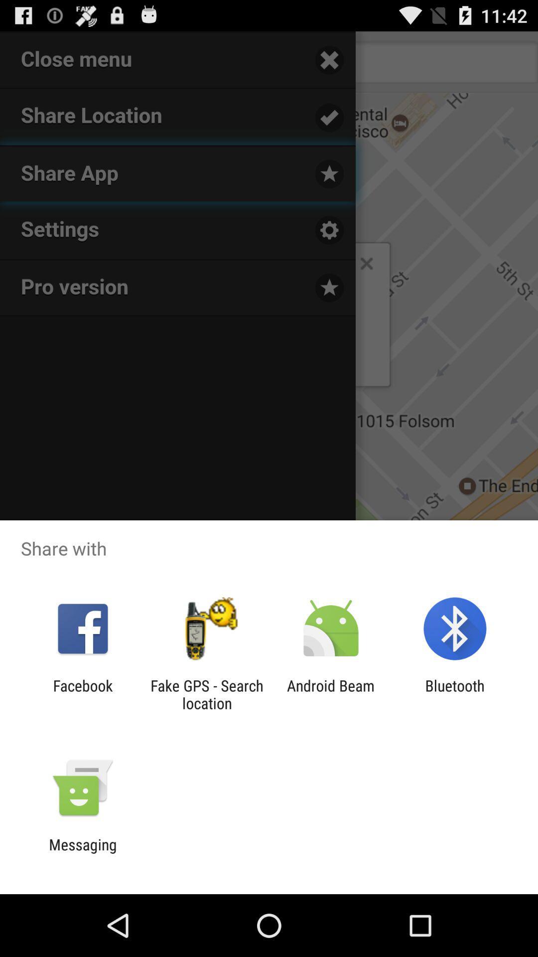 The image size is (538, 957). Describe the element at coordinates (82, 853) in the screenshot. I see `the messaging` at that location.